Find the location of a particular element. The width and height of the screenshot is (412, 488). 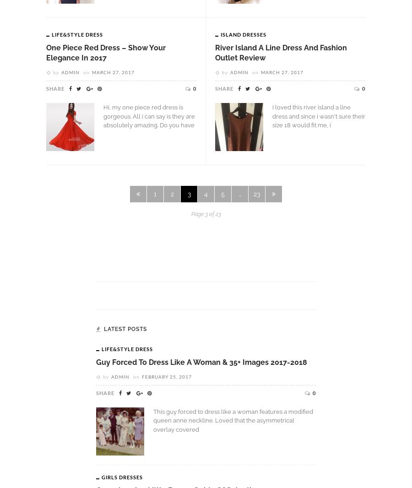

'3' is located at coordinates (189, 194).